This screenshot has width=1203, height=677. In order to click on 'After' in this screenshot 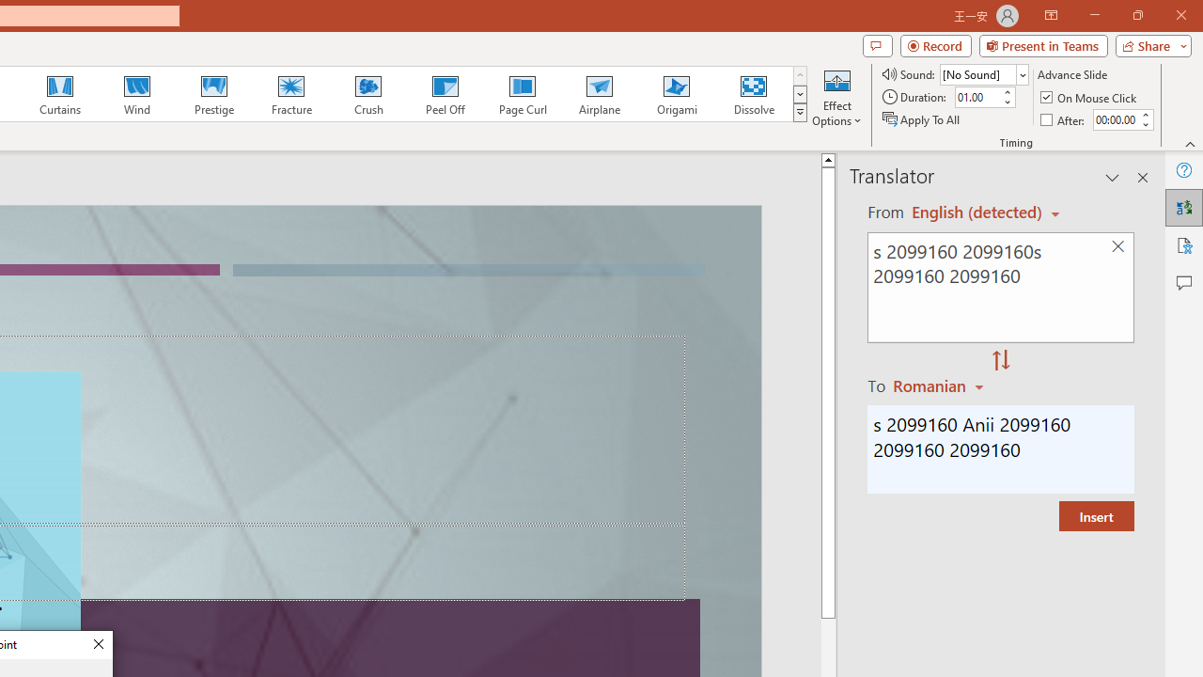, I will do `click(1064, 119)`.